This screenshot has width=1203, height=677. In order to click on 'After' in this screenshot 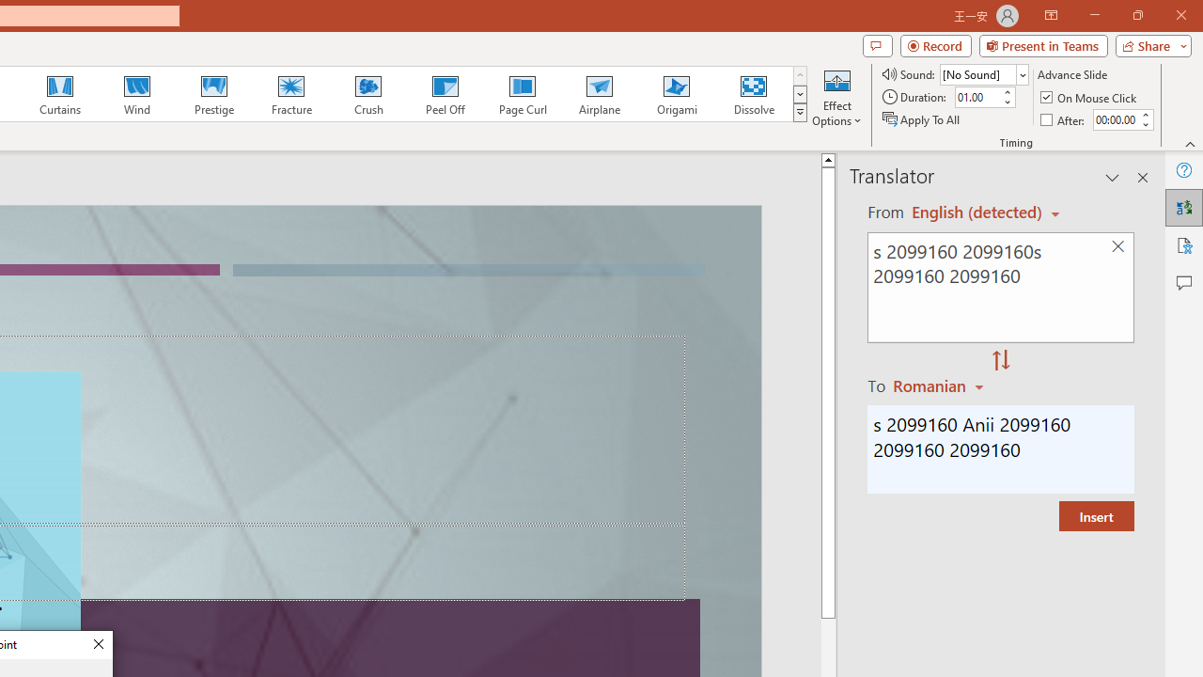, I will do `click(1064, 119)`.